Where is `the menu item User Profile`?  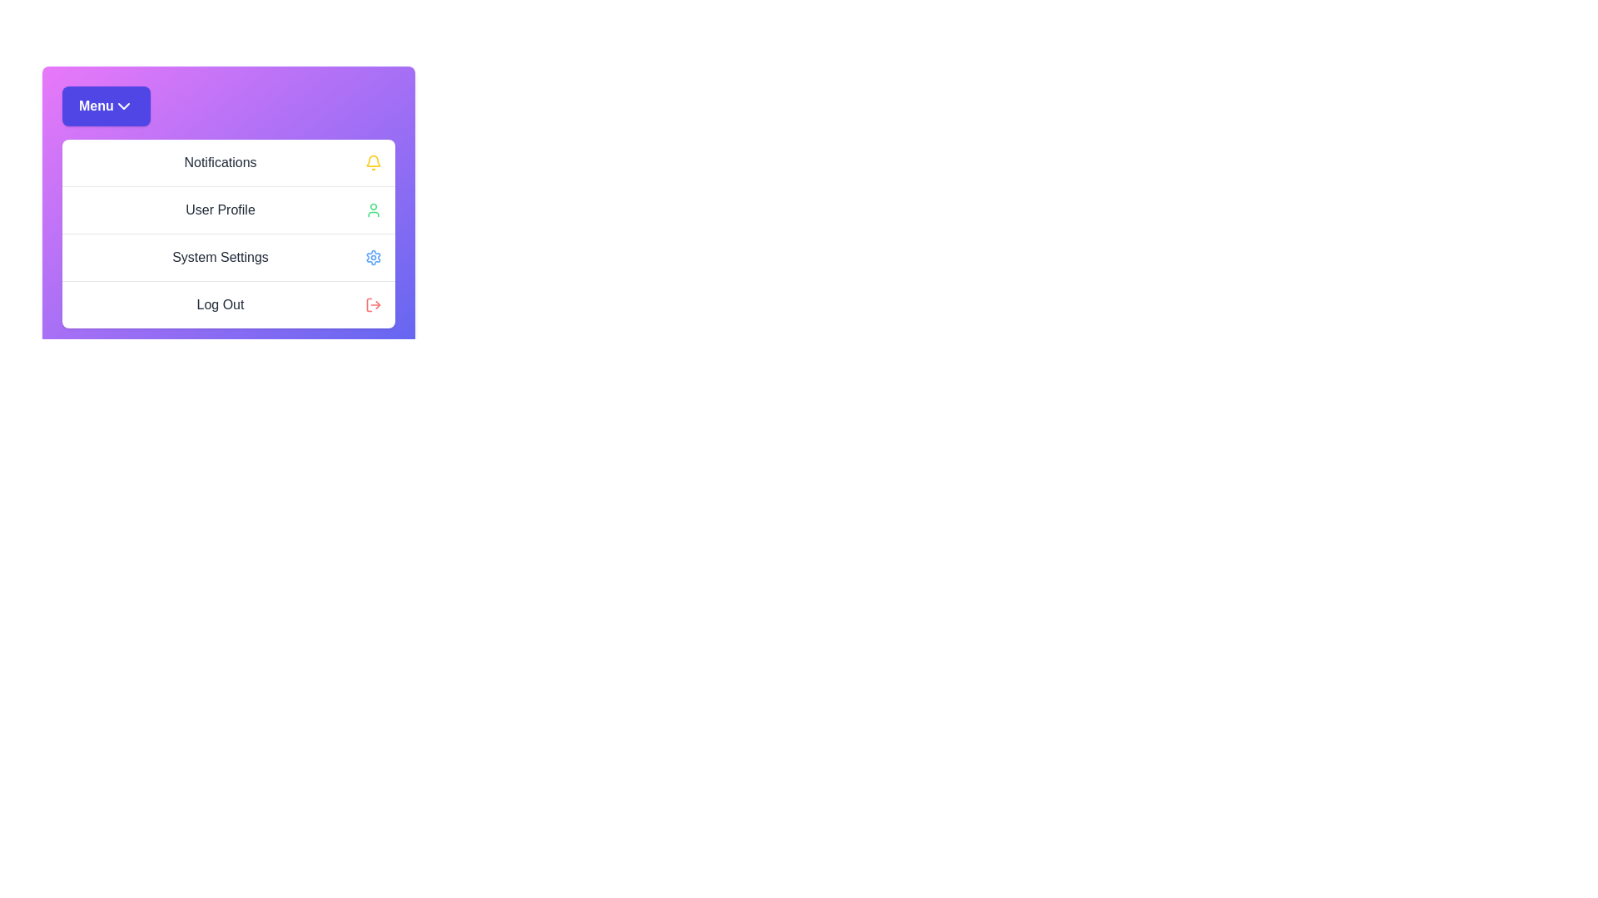
the menu item User Profile is located at coordinates (227, 209).